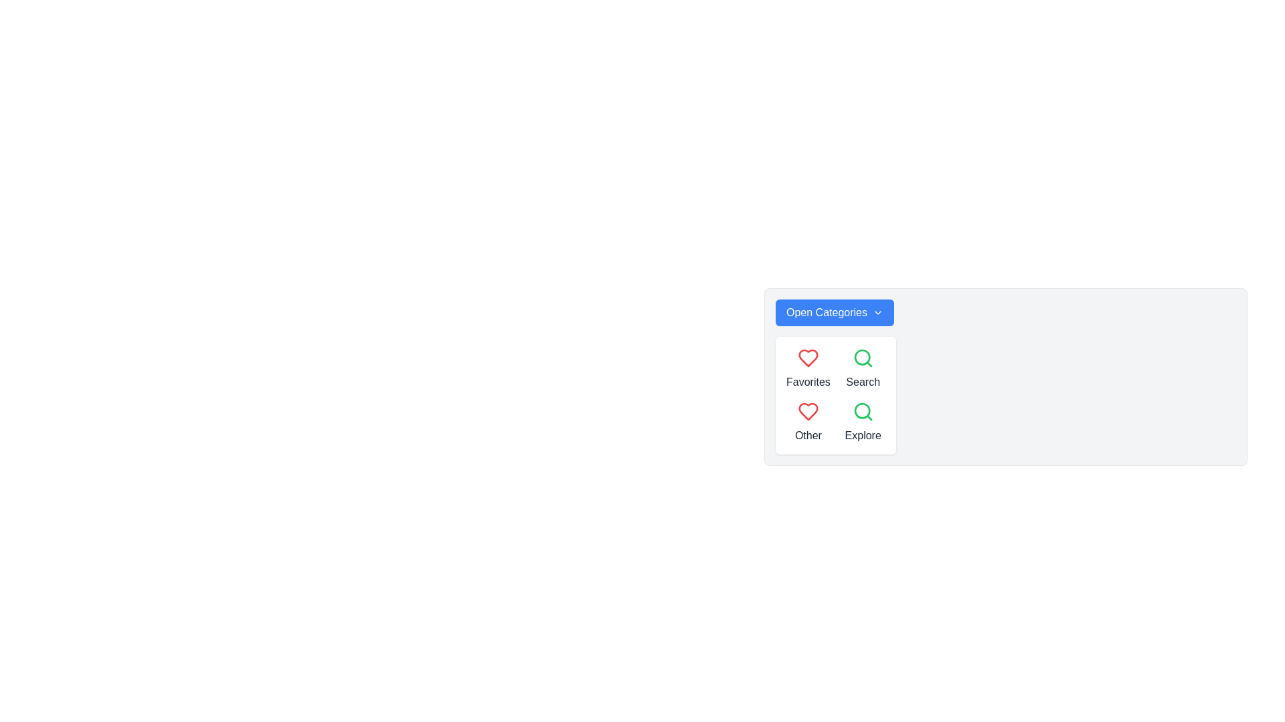 The image size is (1285, 722). Describe the element at coordinates (861, 409) in the screenshot. I see `the 'Explore' button by clicking the inner circular part of the magnifying glass icon located in the bottom-right corner of the icon grid` at that location.